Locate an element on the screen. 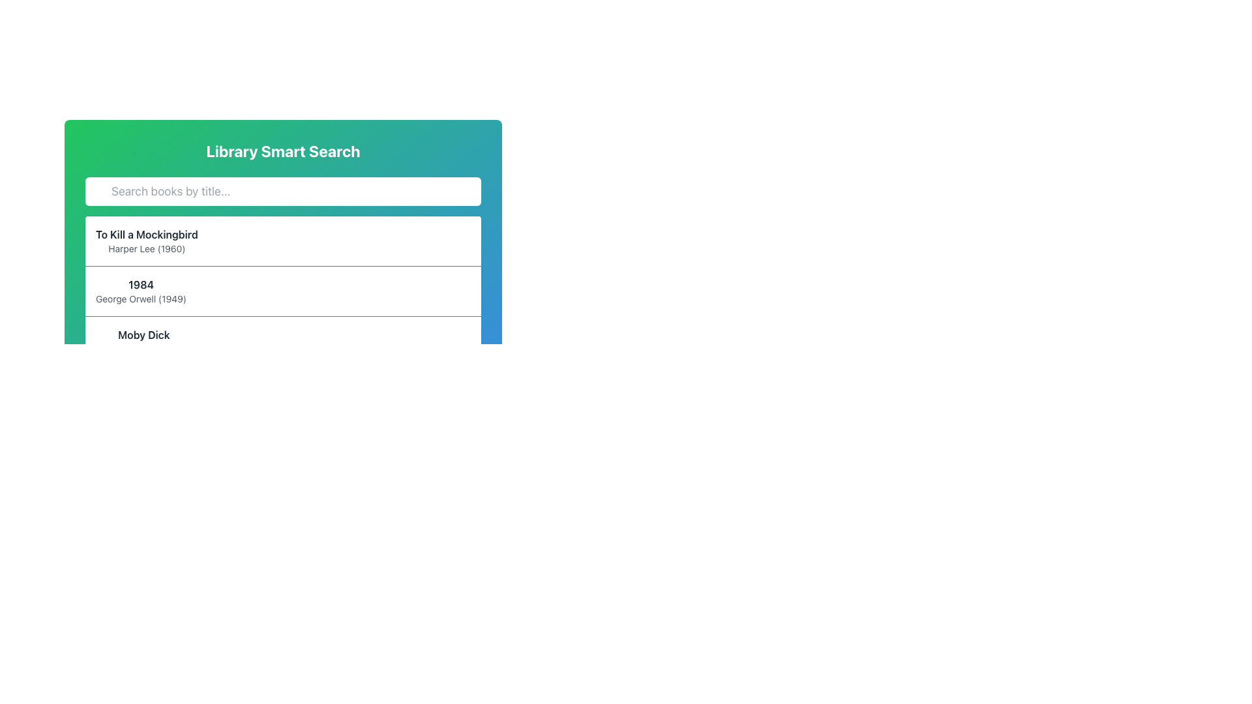 The width and height of the screenshot is (1252, 704). to select the second list item displaying '1984' by George Orwell, which is visually emphasized with a bold font for the title and a lighter font for the additional information is located at coordinates (282, 290).